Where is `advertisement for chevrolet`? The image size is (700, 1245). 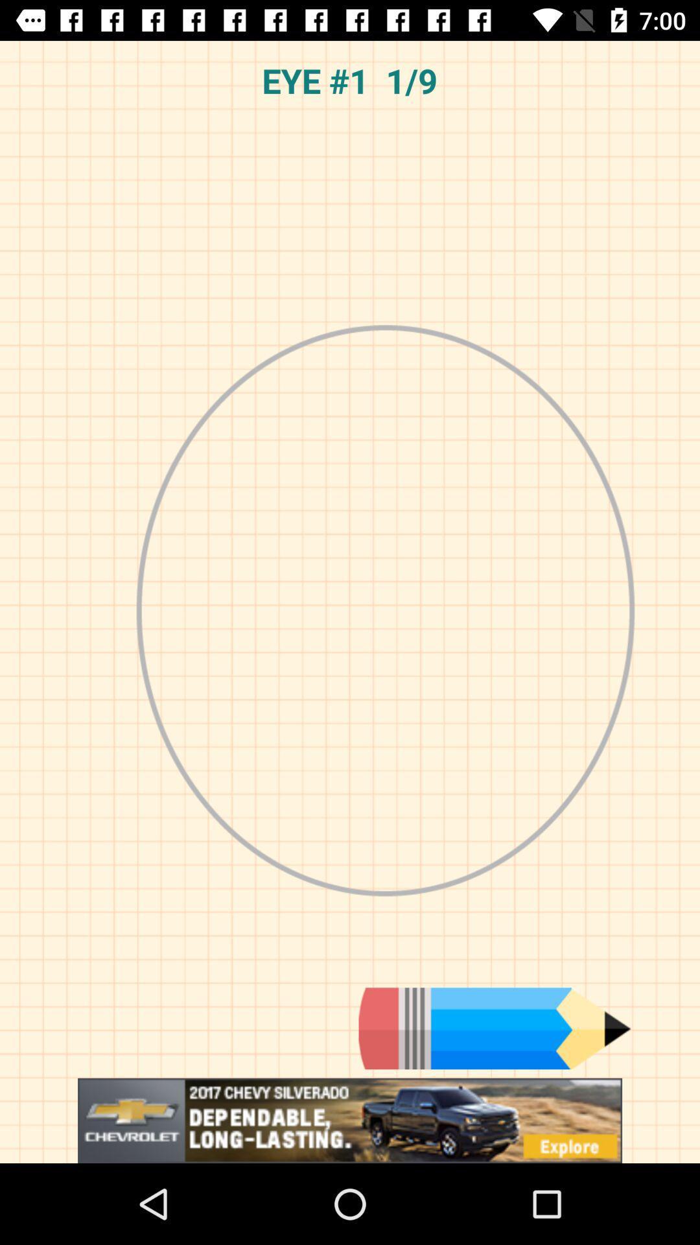 advertisement for chevrolet is located at coordinates (350, 1120).